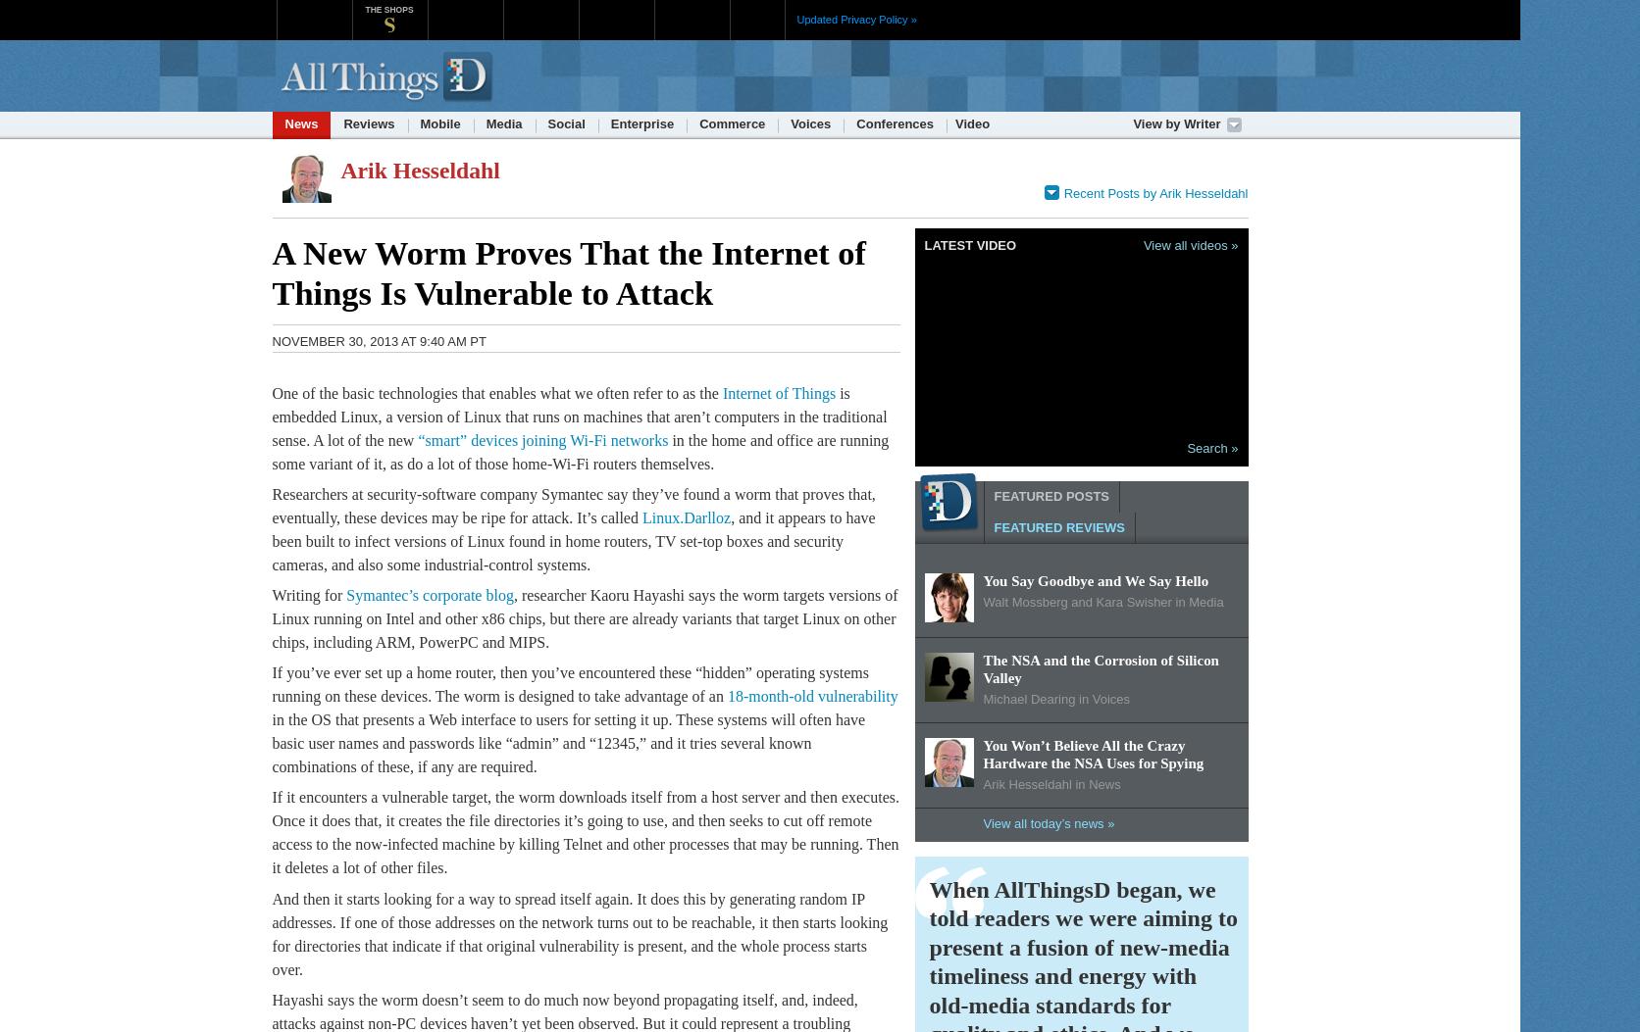 The image size is (1640, 1032). I want to click on 'Writing for', so click(308, 595).